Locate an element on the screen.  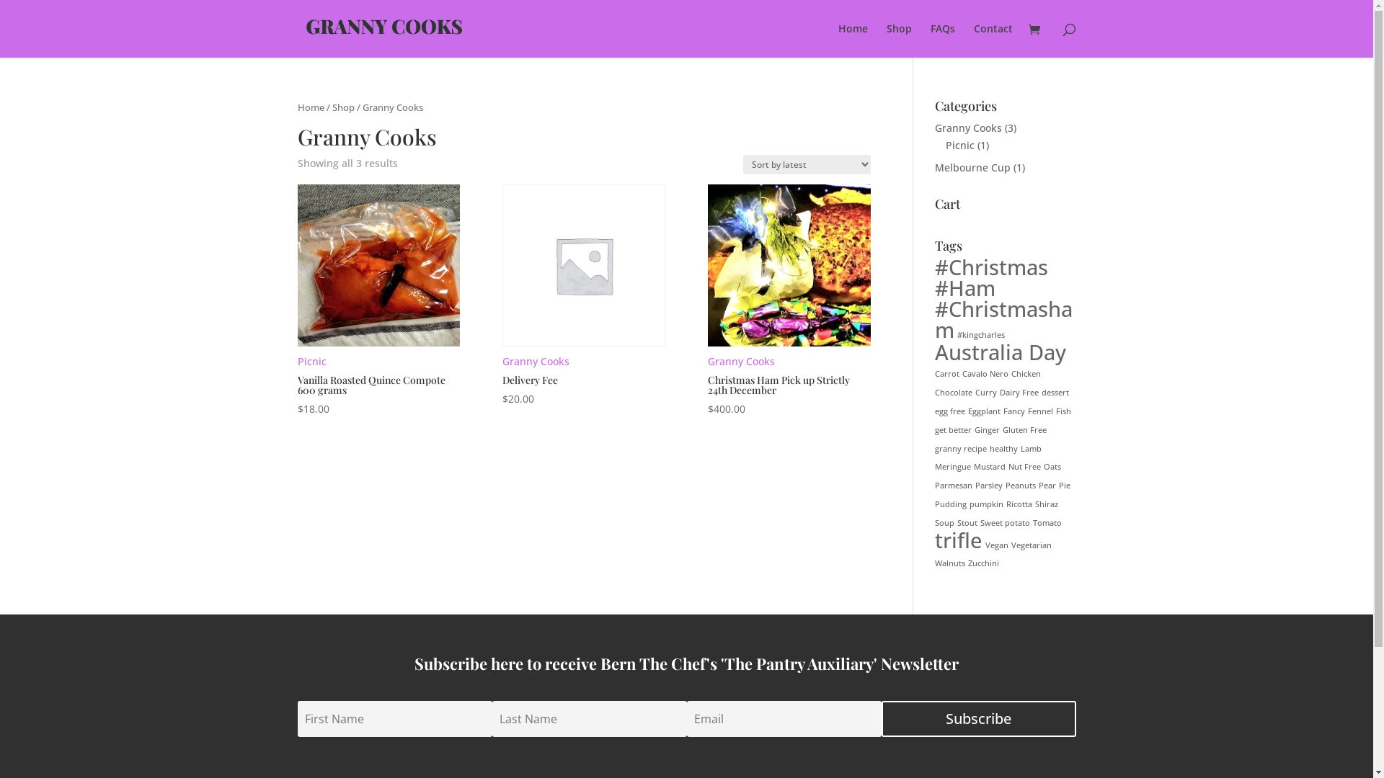
'Parsley' is located at coordinates (988, 486).